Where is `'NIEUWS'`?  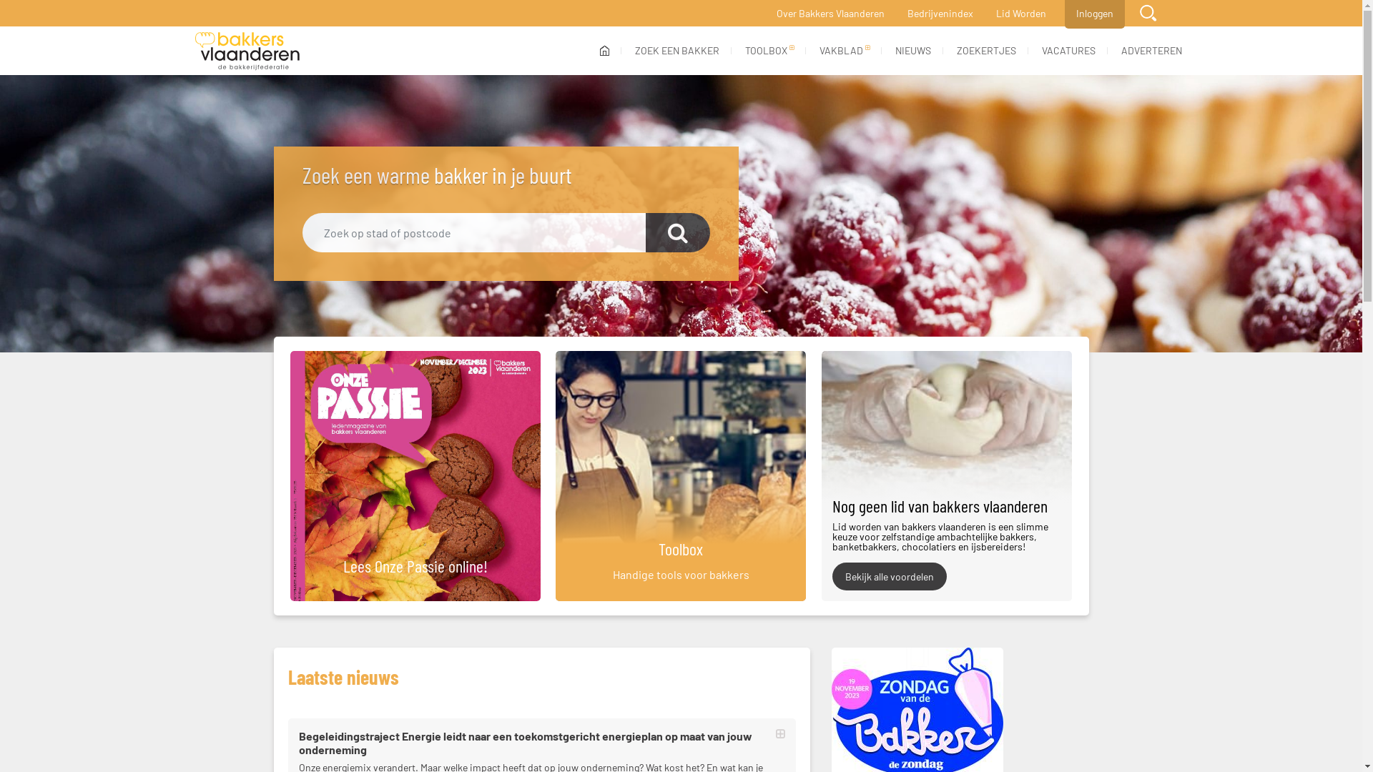
'NIEUWS' is located at coordinates (912, 49).